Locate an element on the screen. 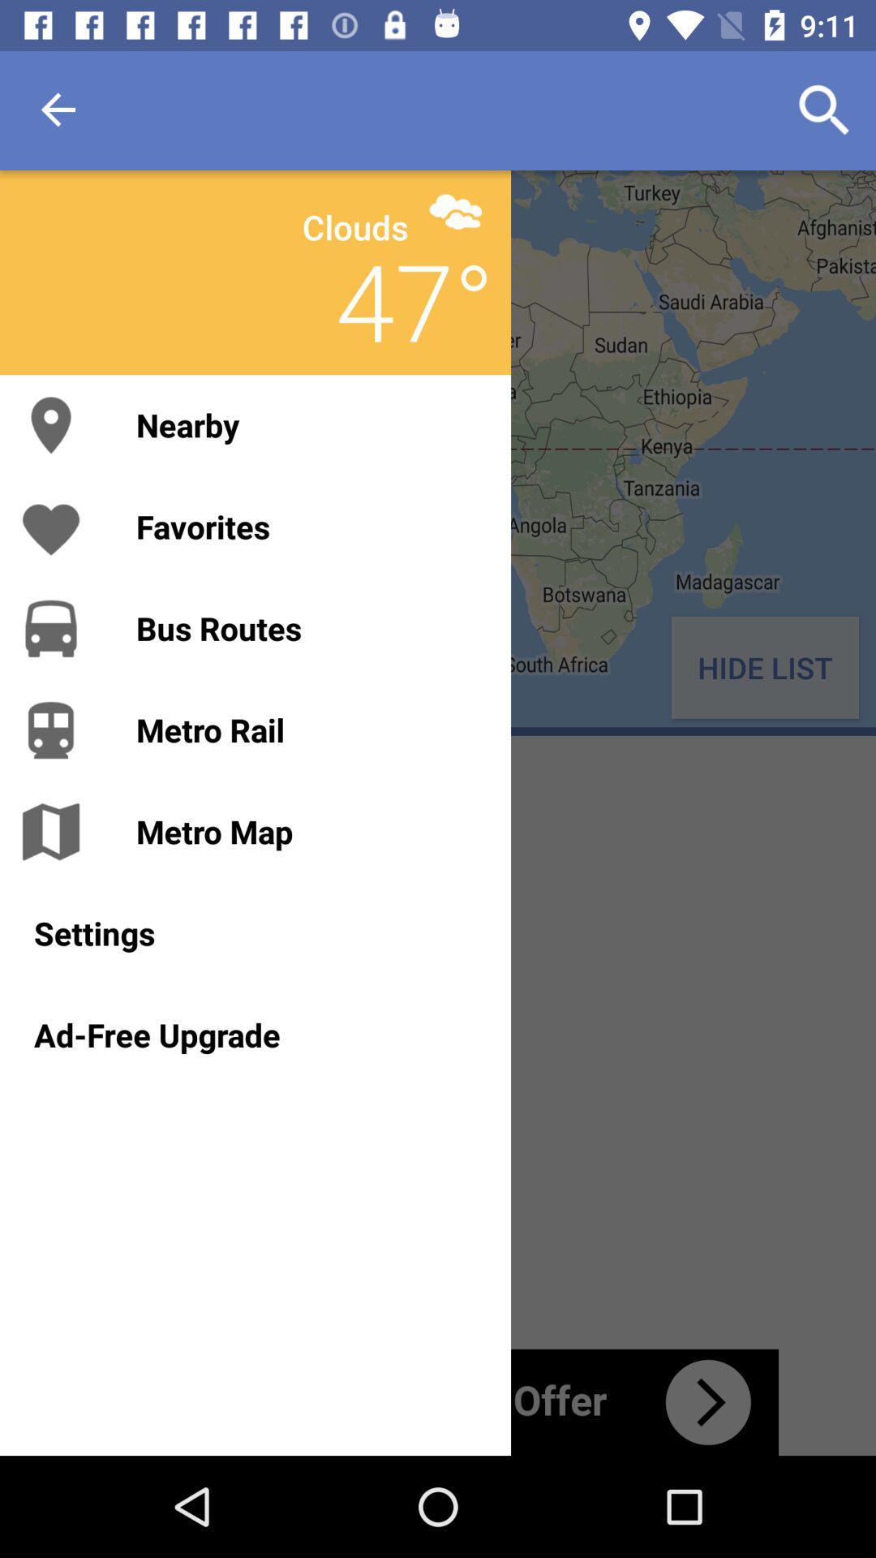 The width and height of the screenshot is (876, 1558). the item above the ad-free upgrade icon is located at coordinates (255, 933).